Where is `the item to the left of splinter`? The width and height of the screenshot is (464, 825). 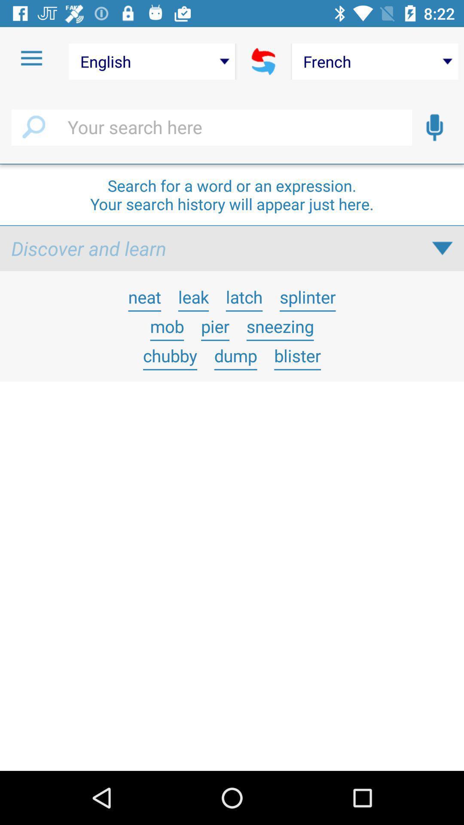
the item to the left of splinter is located at coordinates (244, 297).